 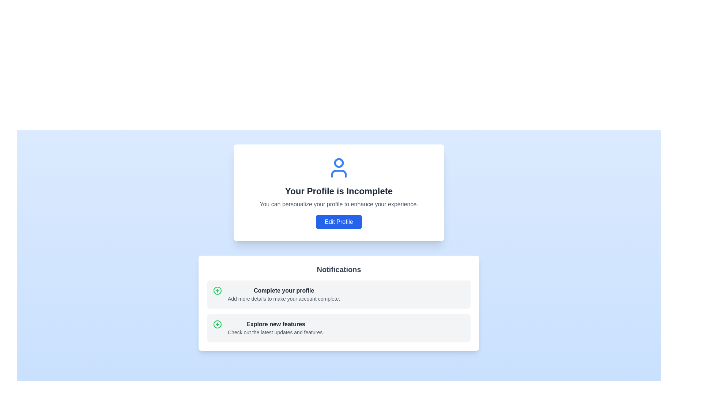 What do you see at coordinates (283, 299) in the screenshot?
I see `static text snippet that states 'Add more details to make your account complete.' which is styled in a small gray font and positioned below the header 'Complete your profile' within the notification card` at bounding box center [283, 299].